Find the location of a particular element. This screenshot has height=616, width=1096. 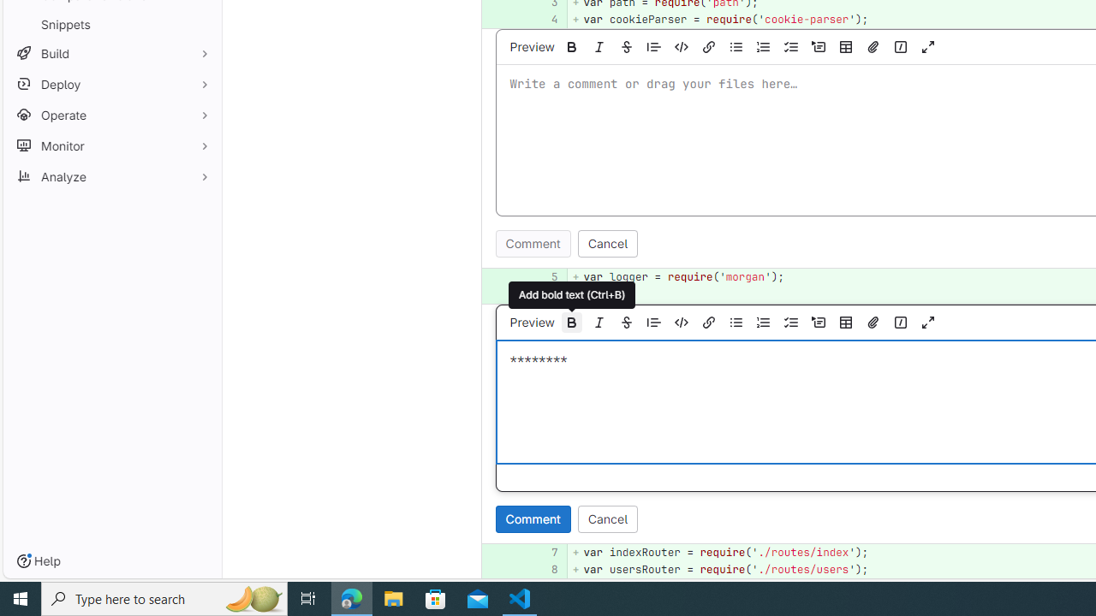

'6' is located at coordinates (545, 293).